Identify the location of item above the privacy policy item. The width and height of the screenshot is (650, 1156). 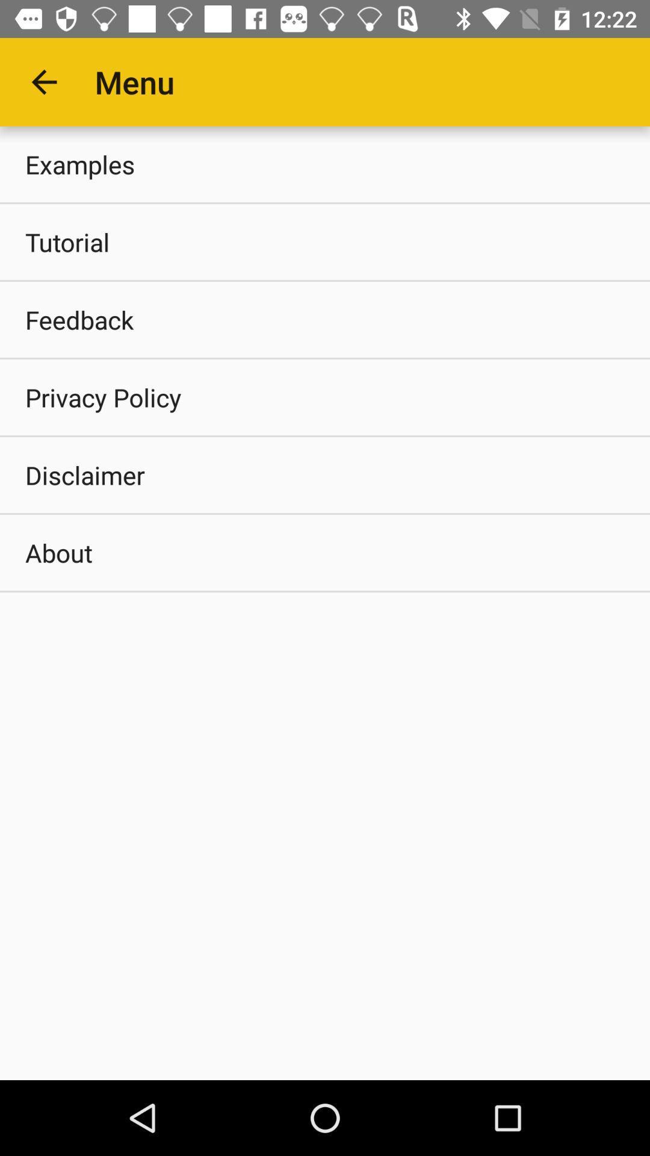
(325, 320).